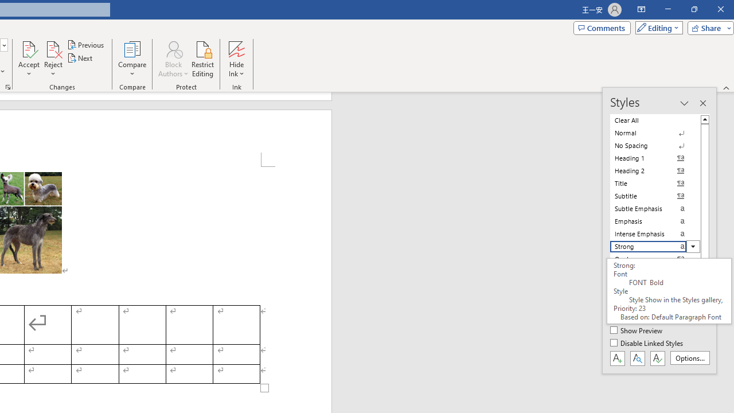 Image resolution: width=734 pixels, height=413 pixels. What do you see at coordinates (655, 221) in the screenshot?
I see `'Emphasis'` at bounding box center [655, 221].